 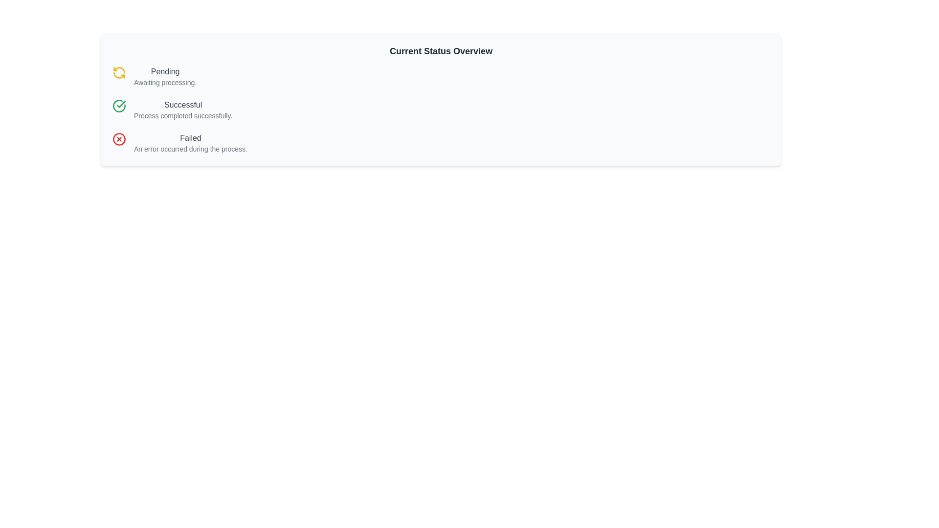 What do you see at coordinates (165, 71) in the screenshot?
I see `the 'Pending' text label element styled in medium gray, positioned above 'Awaiting processing' in the top-left section of the main content area` at bounding box center [165, 71].